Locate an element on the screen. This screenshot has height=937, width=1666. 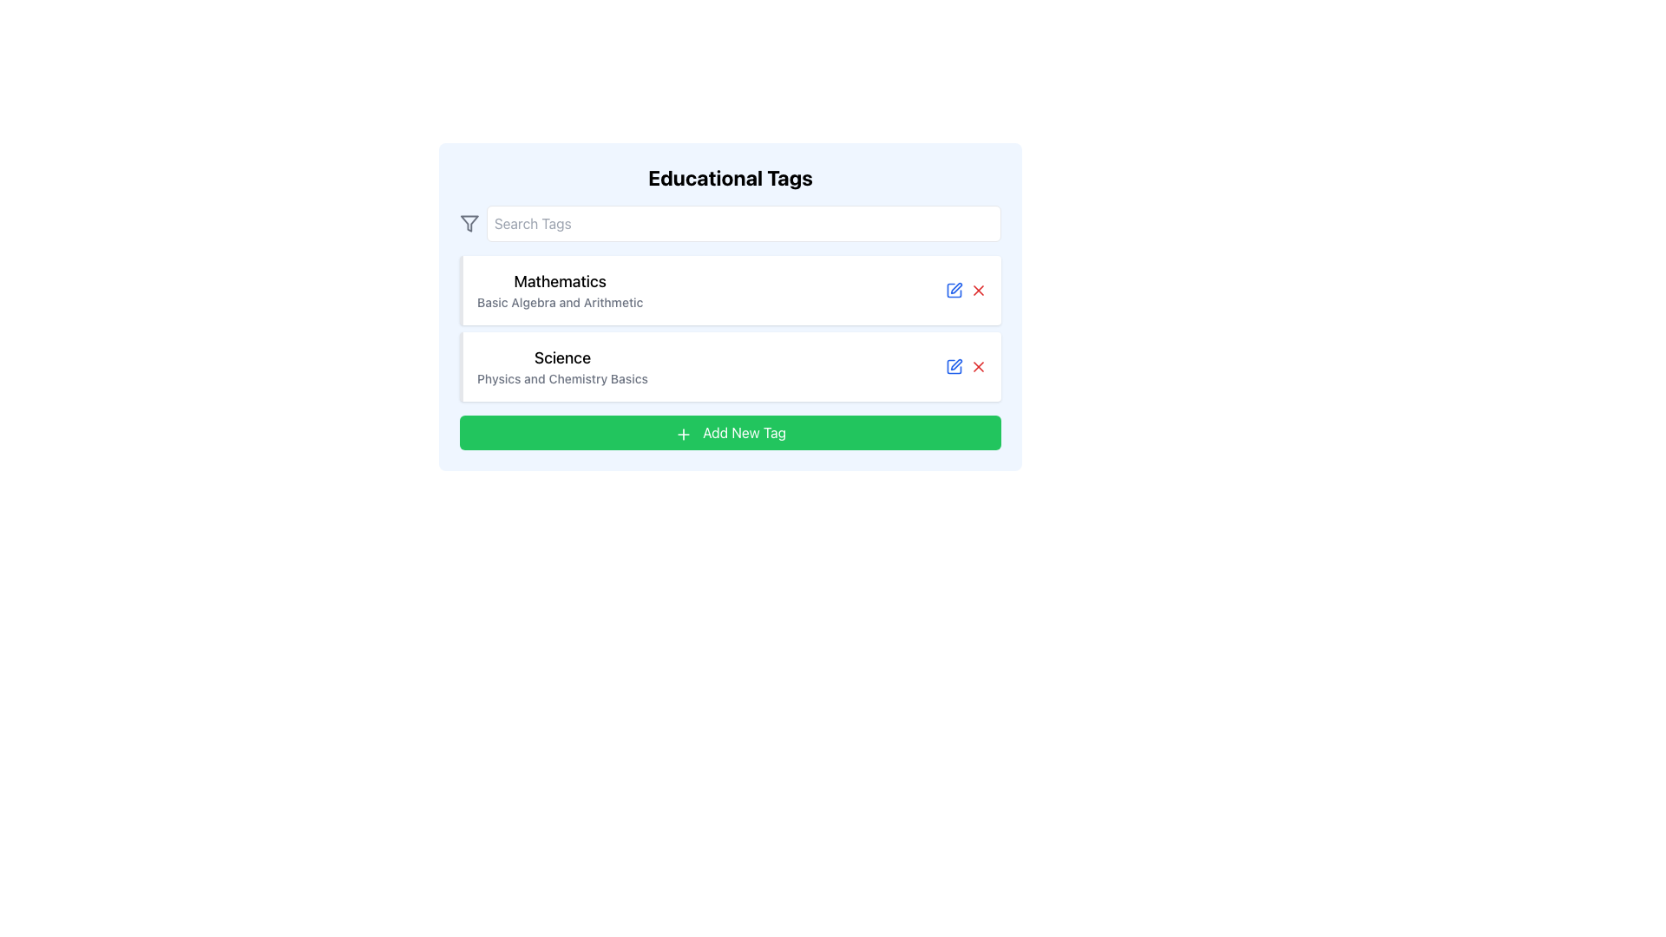
the remove button located to the right of the 'Science' tag in the Educational Tags section is located at coordinates (979, 366).